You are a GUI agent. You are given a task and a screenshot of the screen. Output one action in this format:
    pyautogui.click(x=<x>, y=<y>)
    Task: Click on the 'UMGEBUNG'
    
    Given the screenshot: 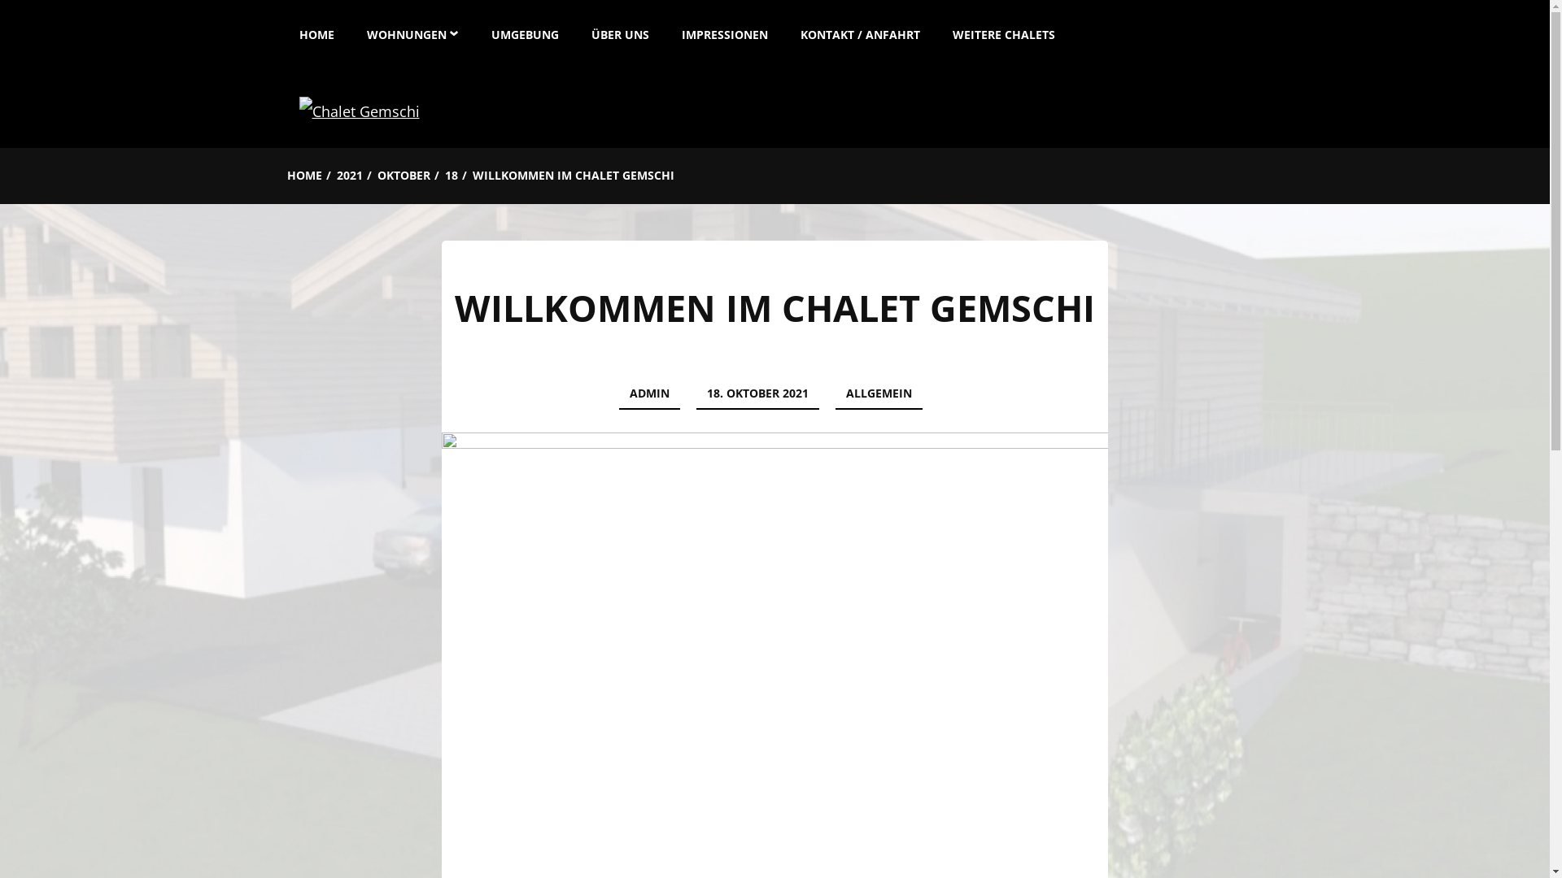 What is the action you would take?
    pyautogui.click(x=525, y=31)
    